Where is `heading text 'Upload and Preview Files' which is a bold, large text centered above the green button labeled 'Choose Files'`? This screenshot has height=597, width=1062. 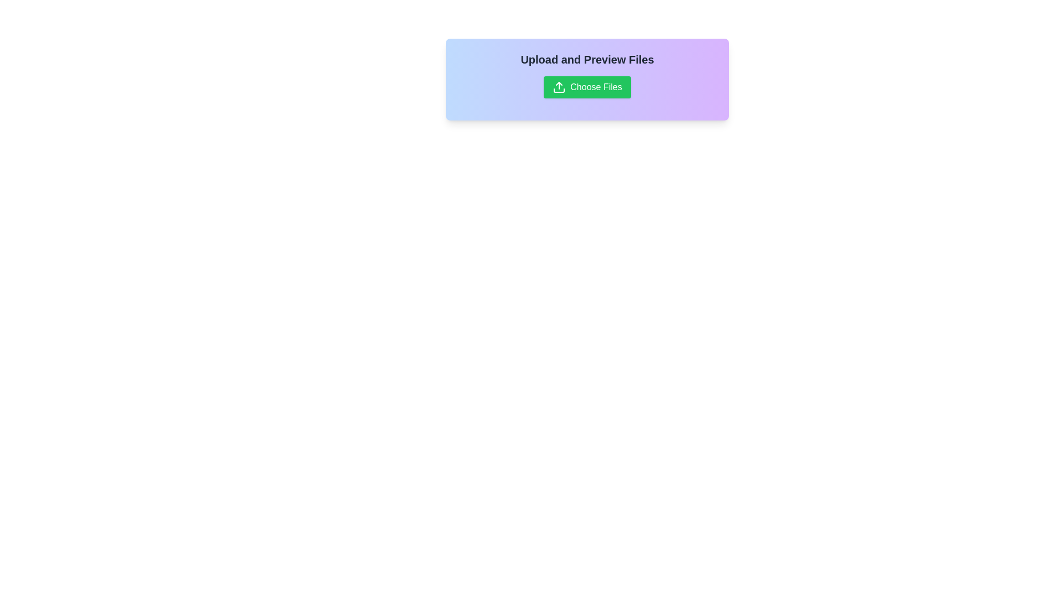 heading text 'Upload and Preview Files' which is a bold, large text centered above the green button labeled 'Choose Files' is located at coordinates (586, 60).